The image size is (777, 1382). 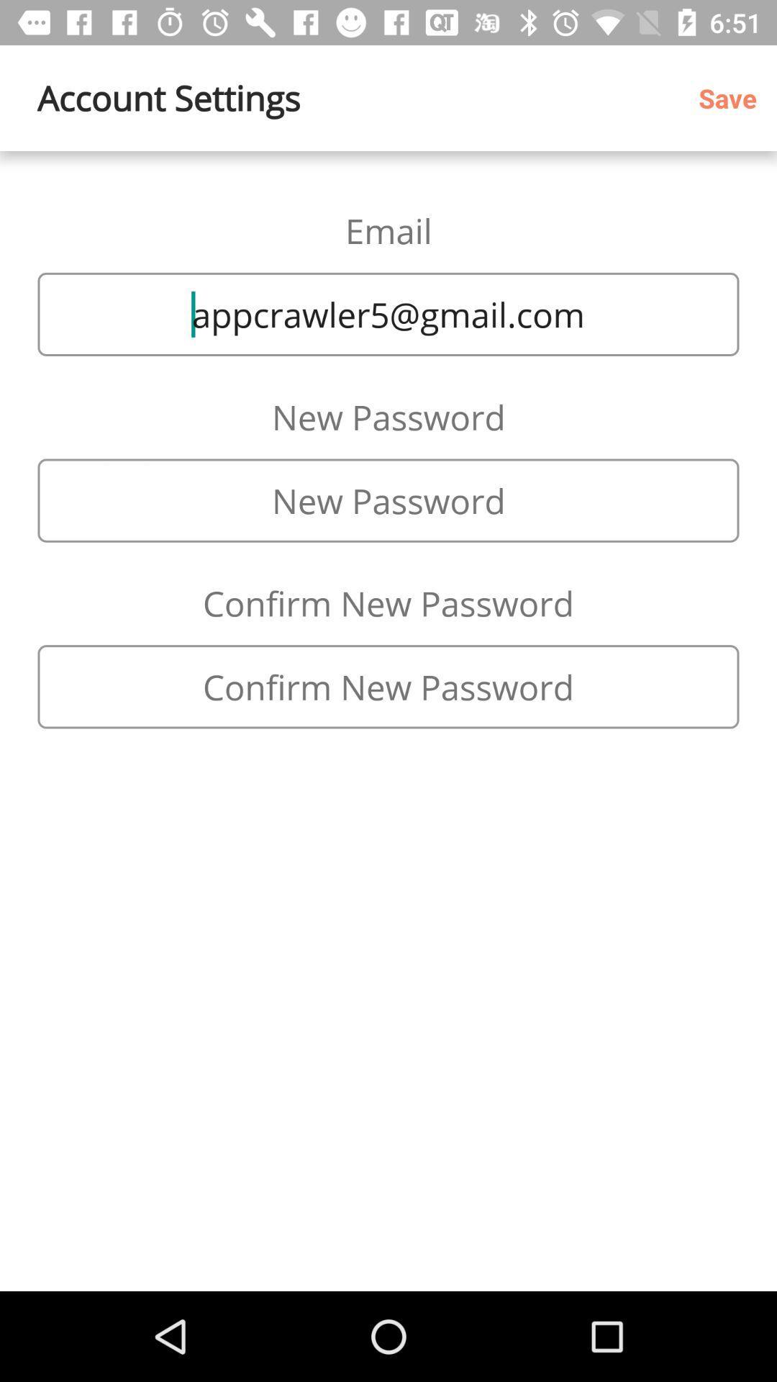 I want to click on change to the new password, so click(x=388, y=686).